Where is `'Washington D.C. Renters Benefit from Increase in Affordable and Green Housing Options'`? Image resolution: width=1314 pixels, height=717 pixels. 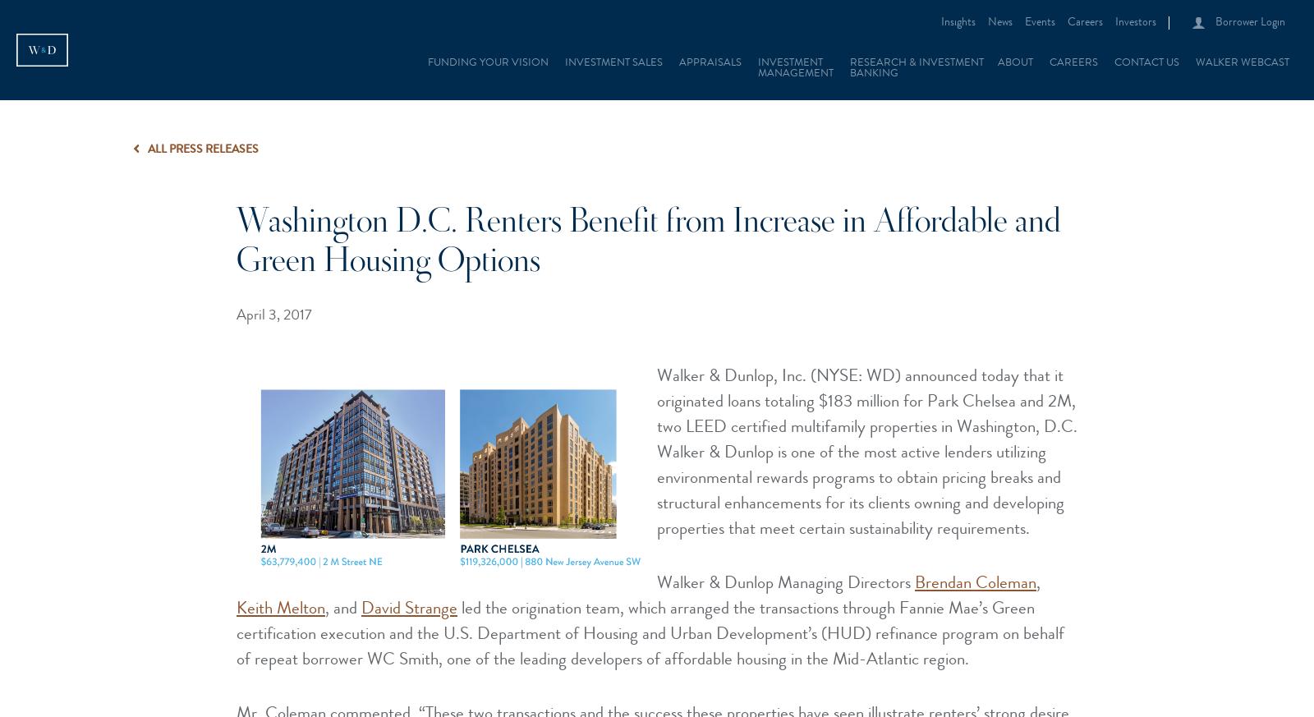
'Washington D.C. Renters Benefit from Increase in Affordable and Green Housing Options' is located at coordinates (237, 244).